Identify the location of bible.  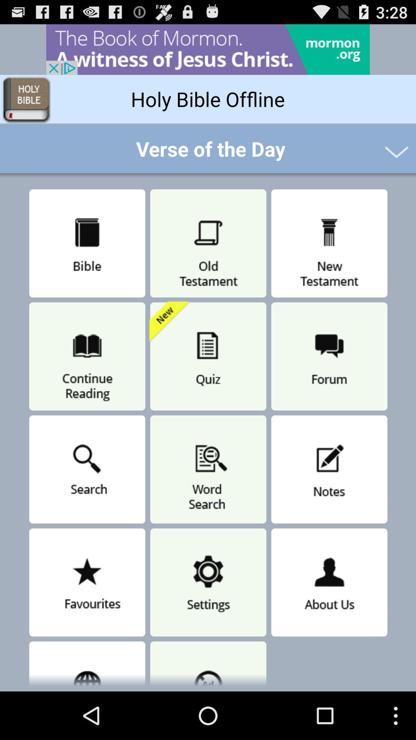
(87, 243).